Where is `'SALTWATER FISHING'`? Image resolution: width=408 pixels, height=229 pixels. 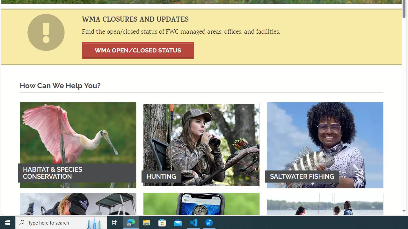 'SALTWATER FISHING' is located at coordinates (325, 145).